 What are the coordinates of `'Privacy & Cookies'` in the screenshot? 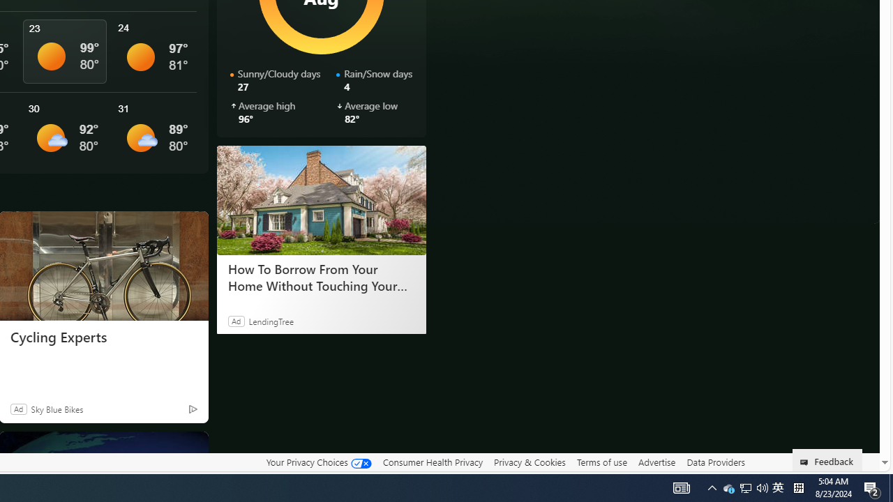 It's located at (529, 462).